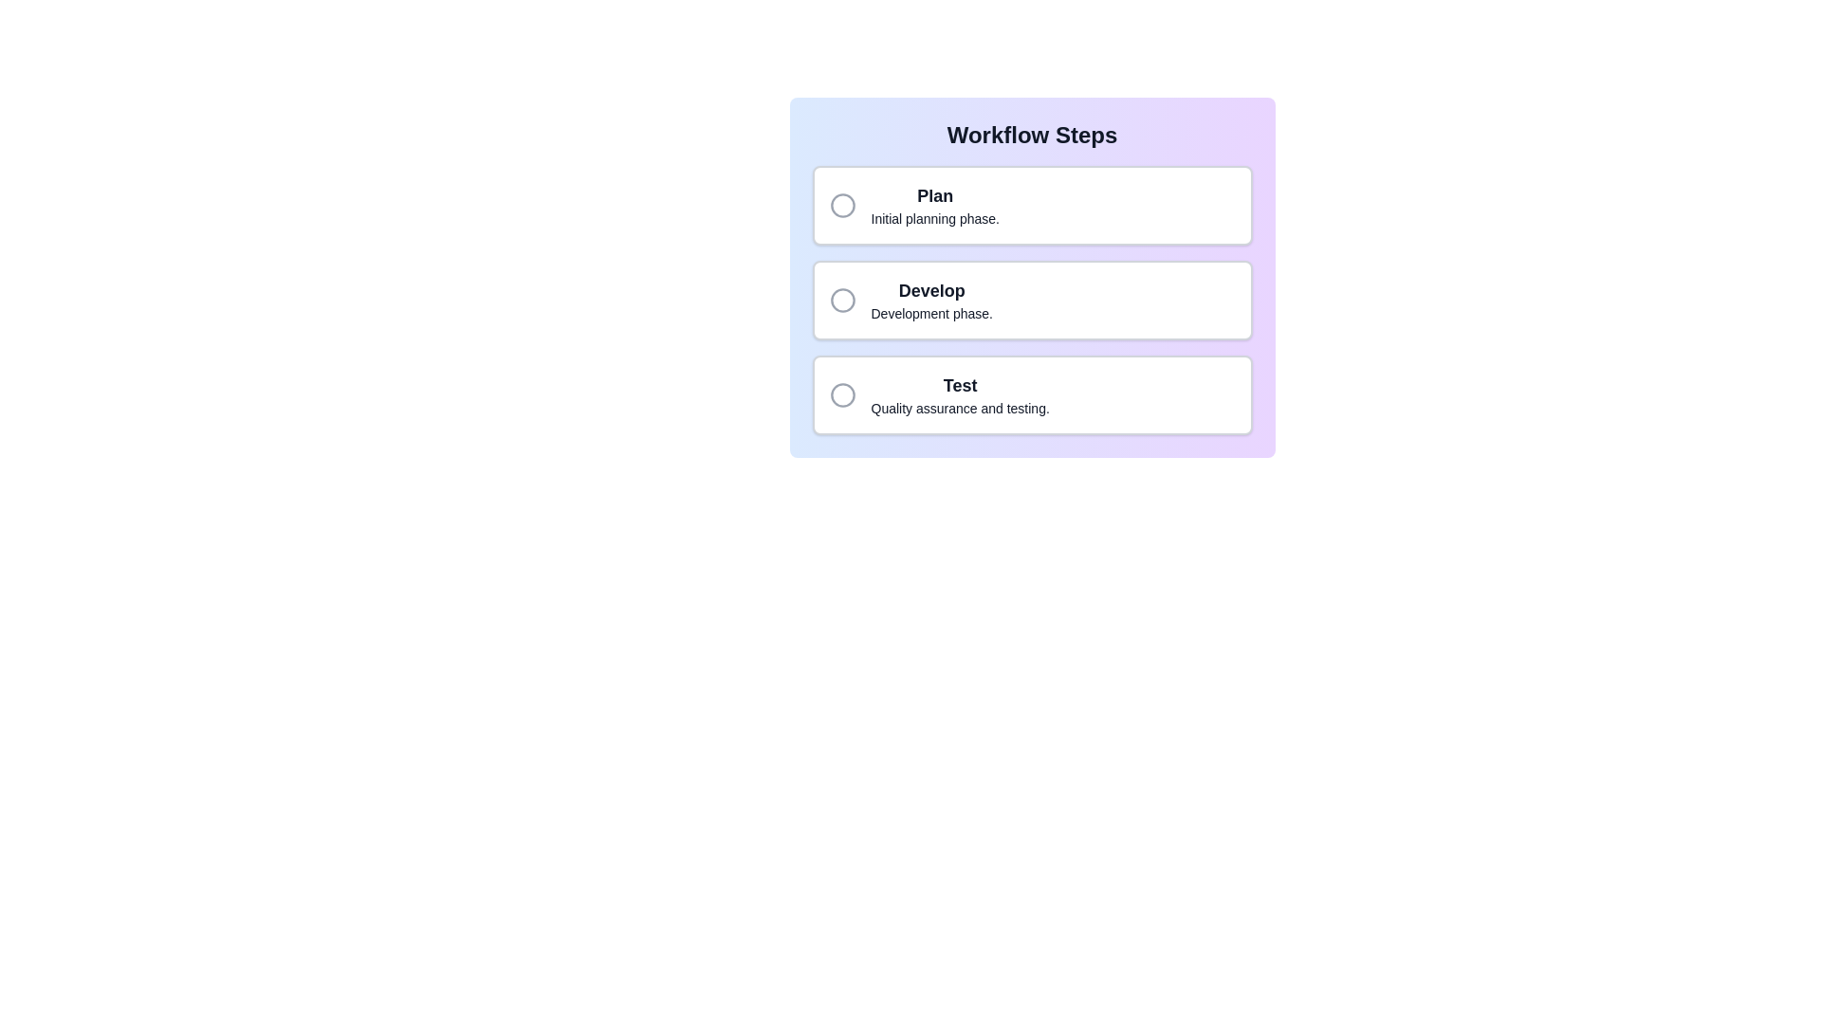  Describe the element at coordinates (960, 393) in the screenshot. I see `descriptive title and elaboration text for the 'Test' workflow step located in the third selectable option of the vertical list` at that location.